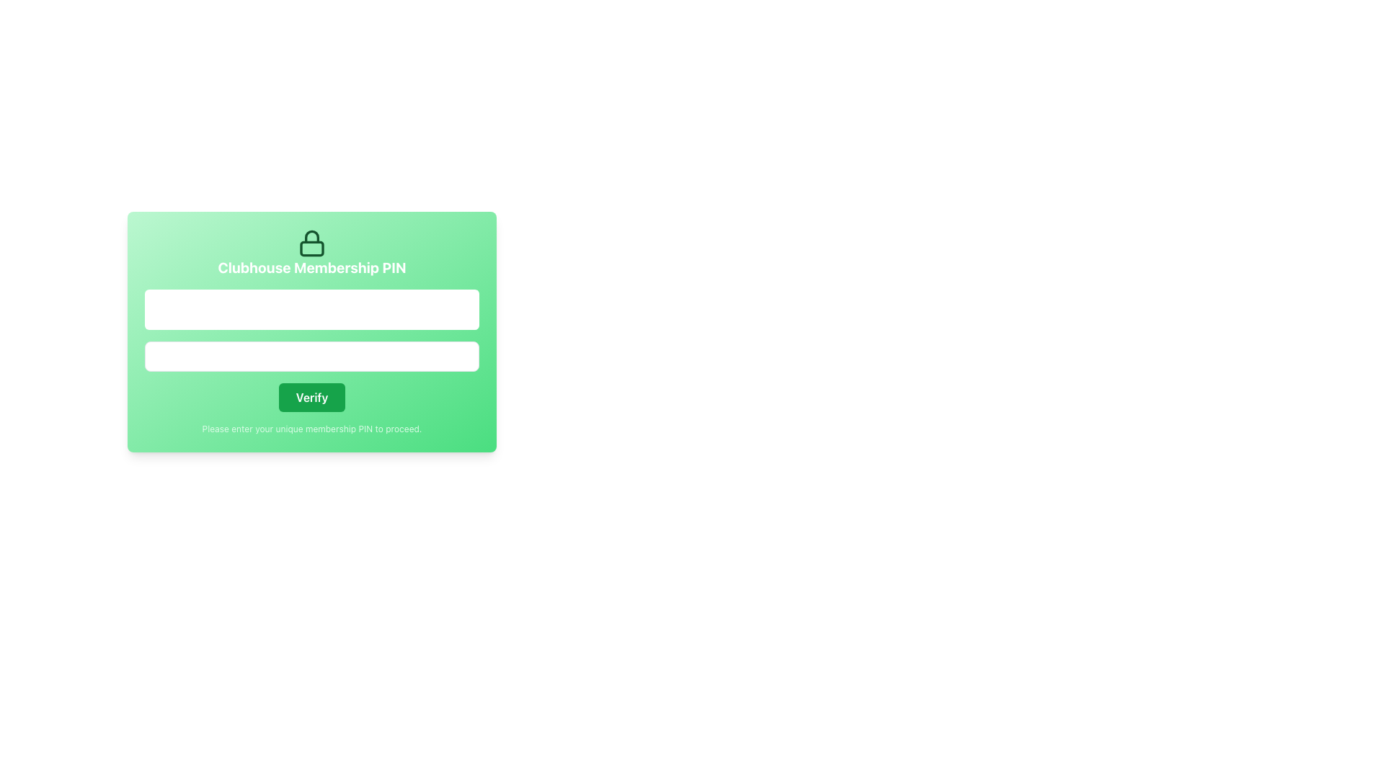  I want to click on the 'Verify' button, which is a green button with white text located directly below the password input field in the form card, so click(311, 397).